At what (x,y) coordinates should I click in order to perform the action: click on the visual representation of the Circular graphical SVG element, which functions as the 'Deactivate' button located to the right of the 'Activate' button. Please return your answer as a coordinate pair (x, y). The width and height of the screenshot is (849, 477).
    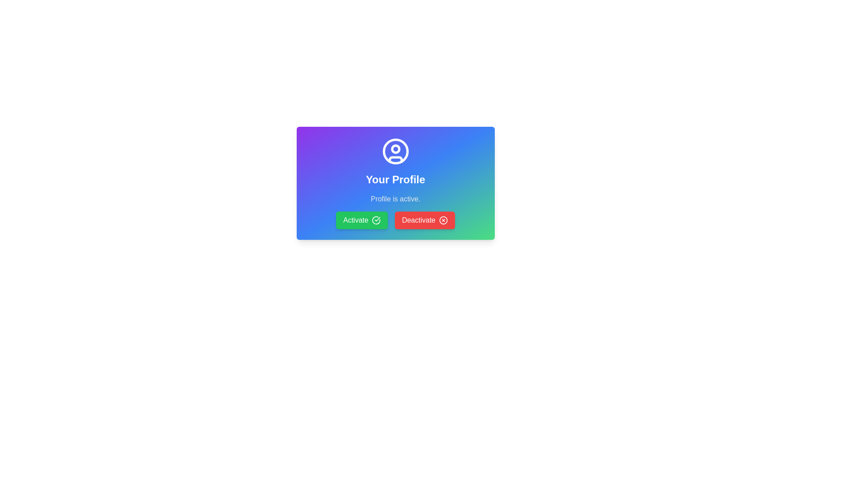
    Looking at the image, I should click on (443, 220).